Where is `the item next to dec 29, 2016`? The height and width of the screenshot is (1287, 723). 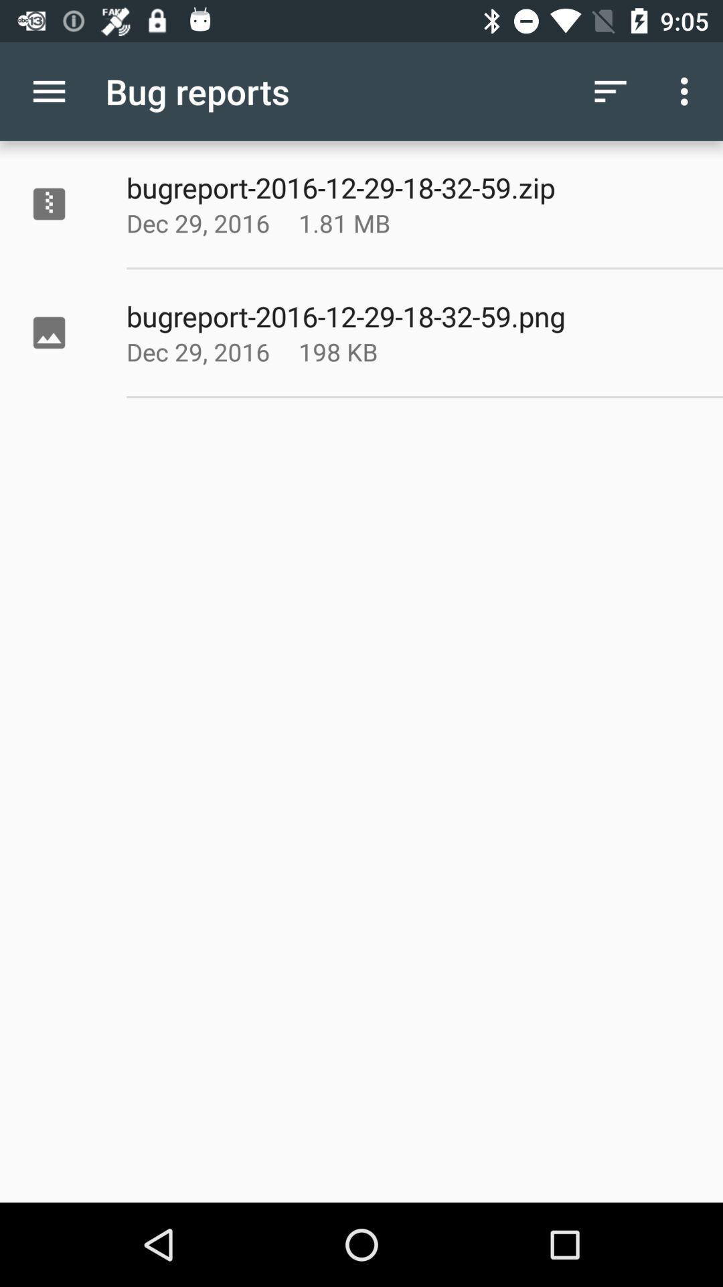 the item next to dec 29, 2016 is located at coordinates (378, 223).